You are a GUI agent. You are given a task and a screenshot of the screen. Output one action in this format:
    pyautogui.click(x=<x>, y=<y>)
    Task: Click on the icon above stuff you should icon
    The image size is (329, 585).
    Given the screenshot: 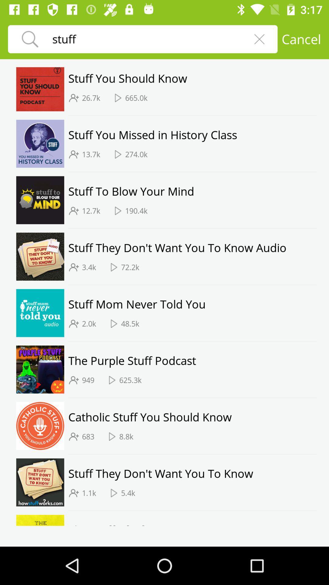 What is the action you would take?
    pyautogui.click(x=301, y=39)
    